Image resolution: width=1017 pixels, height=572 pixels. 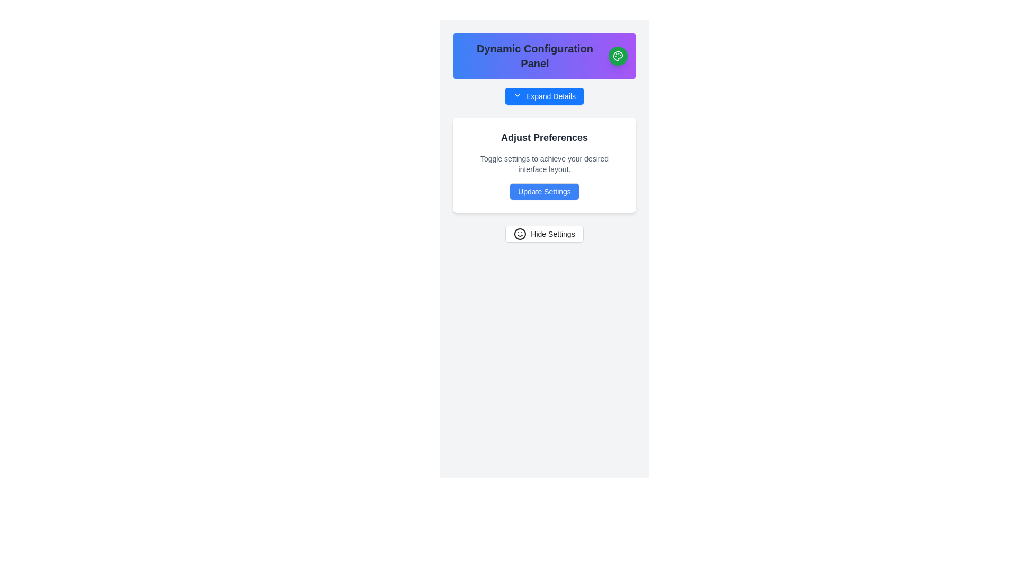 I want to click on the textual label within the button that indicates the function of hiding the settings panel, located at the bottom of the layout below the 'Adjust Preferences' section, so click(x=552, y=234).